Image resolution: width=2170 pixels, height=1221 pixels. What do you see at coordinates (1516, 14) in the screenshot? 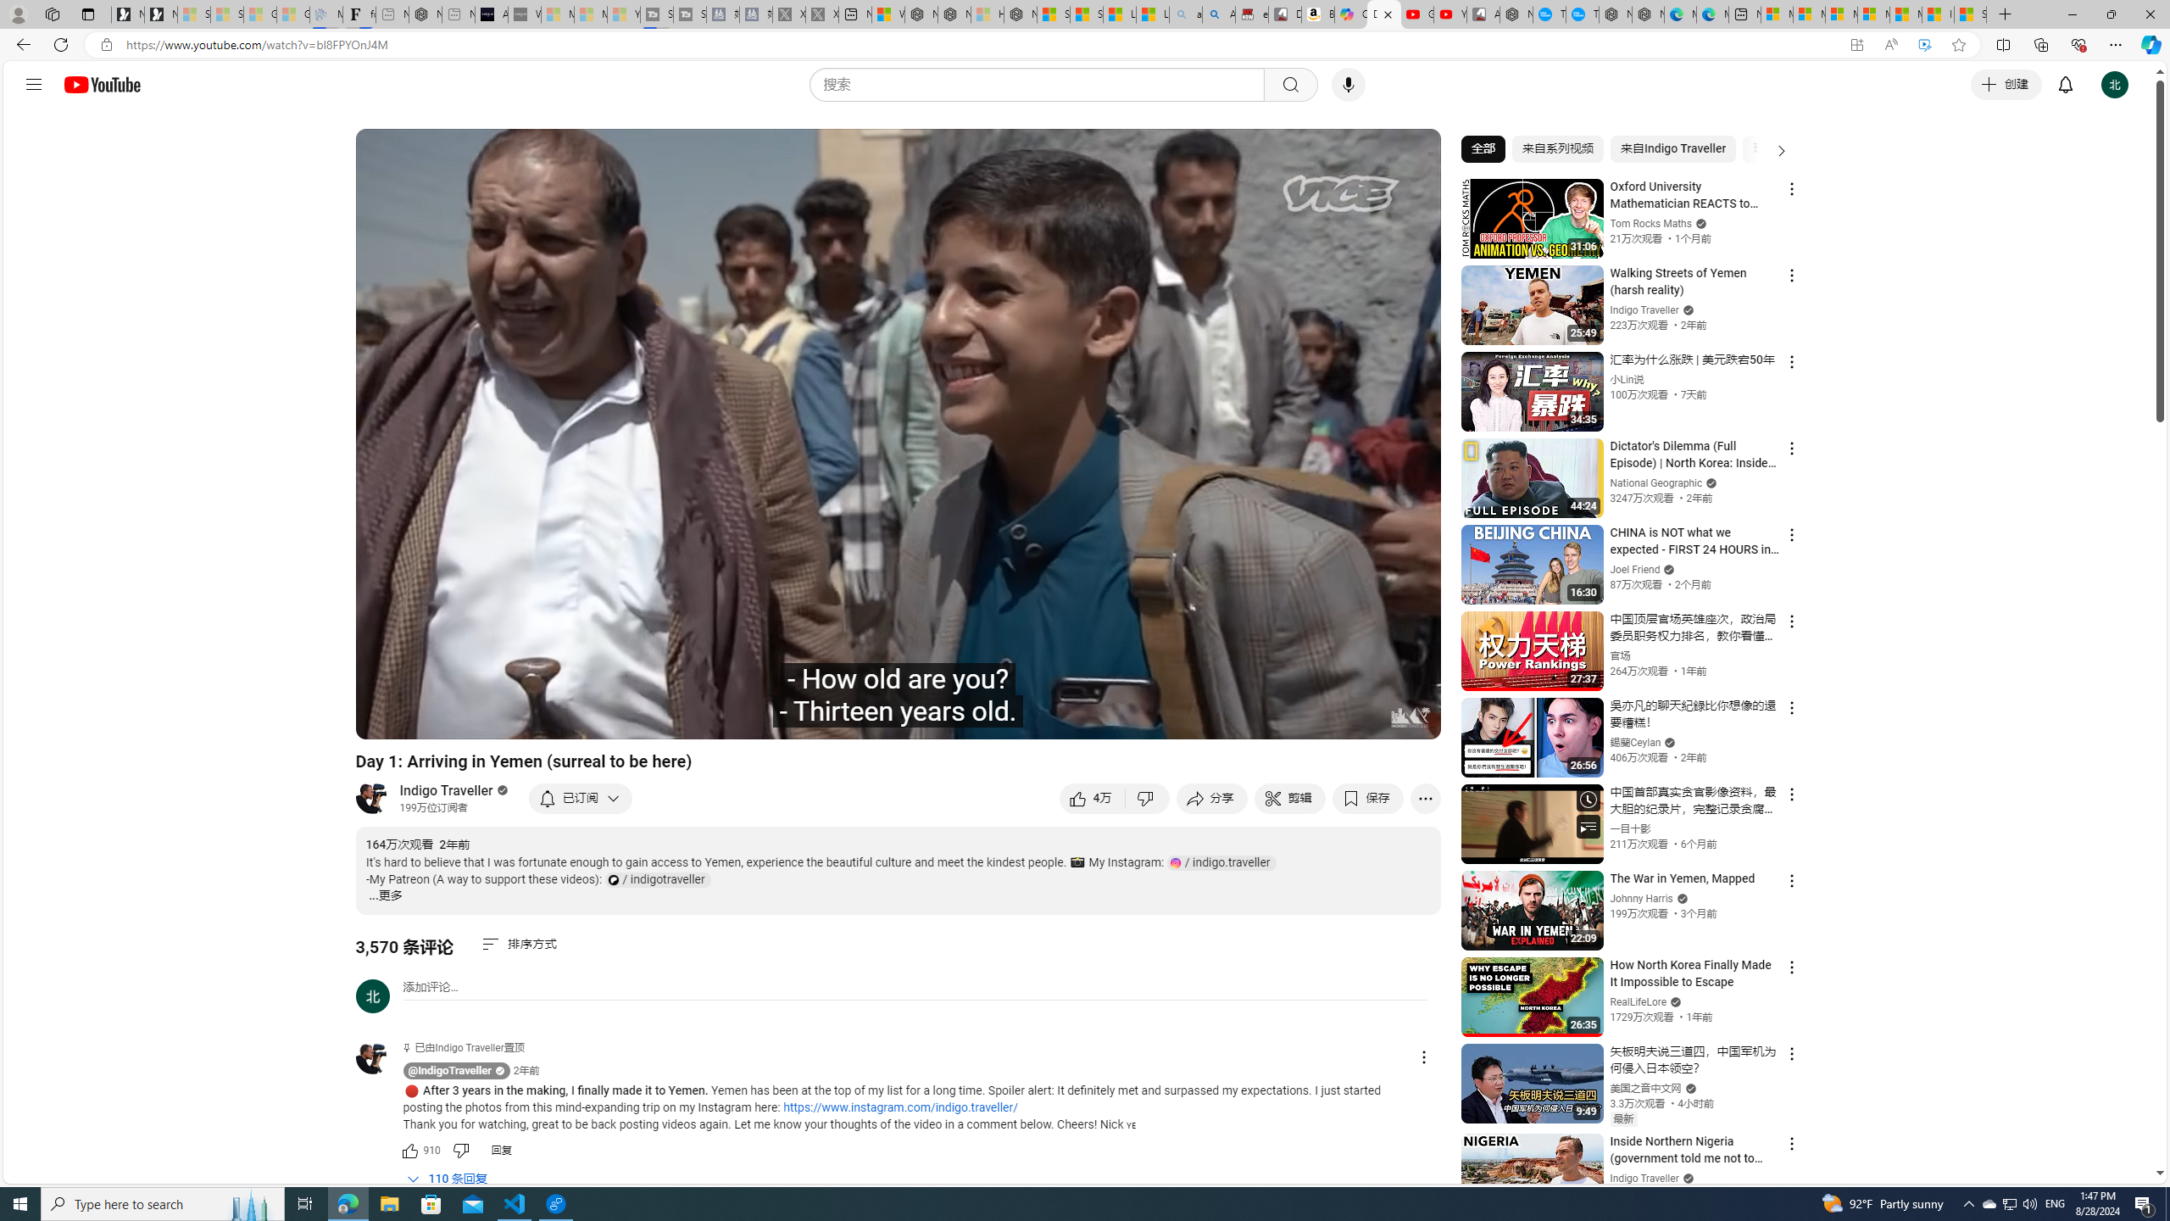
I see `'Nordace - My Account'` at bounding box center [1516, 14].